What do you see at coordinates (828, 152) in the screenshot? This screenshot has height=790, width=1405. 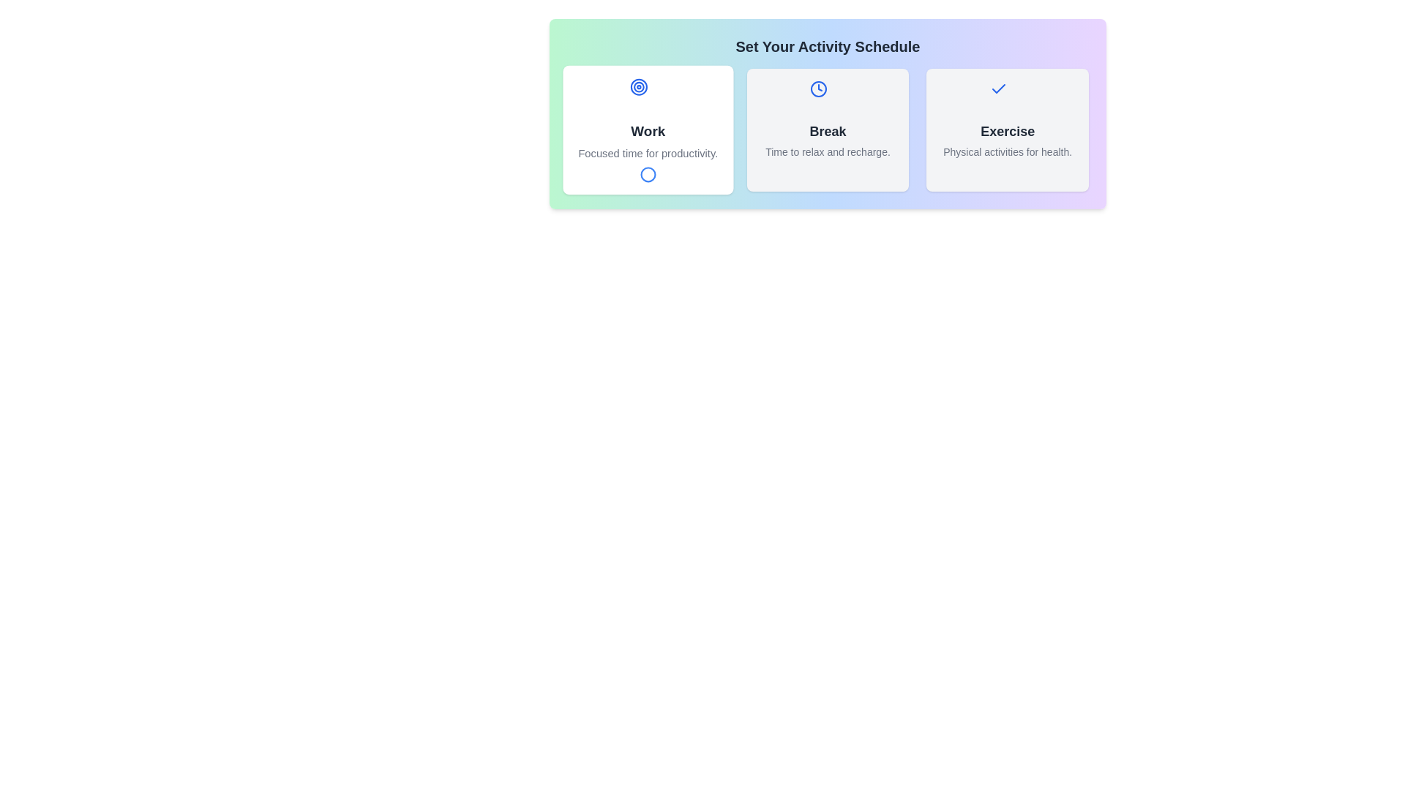 I see `the descriptive text element located at the bottom of the 'Break' box, which provides additional information about the 'Break' section` at bounding box center [828, 152].